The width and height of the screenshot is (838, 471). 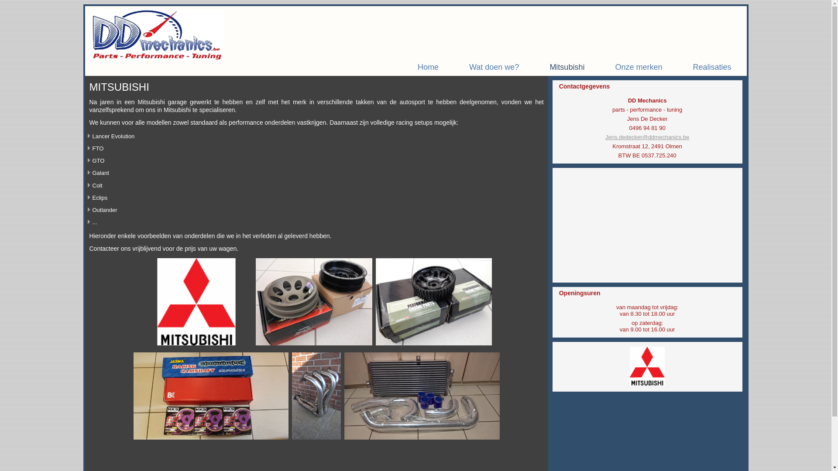 What do you see at coordinates (599, 67) in the screenshot?
I see `'Onze merken'` at bounding box center [599, 67].